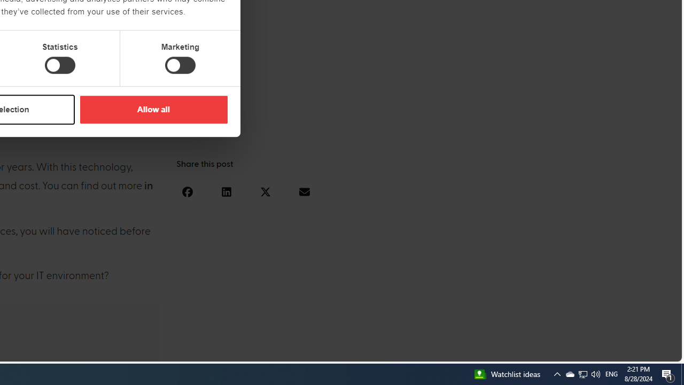 The image size is (684, 385). Describe the element at coordinates (153, 109) in the screenshot. I see `'Allow all'` at that location.